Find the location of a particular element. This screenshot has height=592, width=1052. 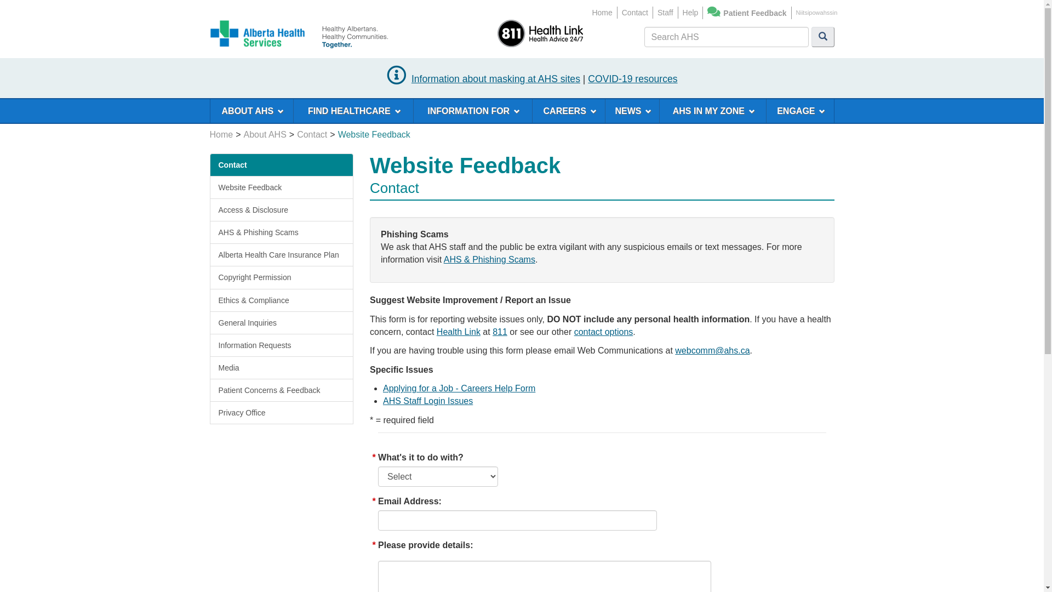

'Patient Concerns & Feedback' is located at coordinates (281, 390).